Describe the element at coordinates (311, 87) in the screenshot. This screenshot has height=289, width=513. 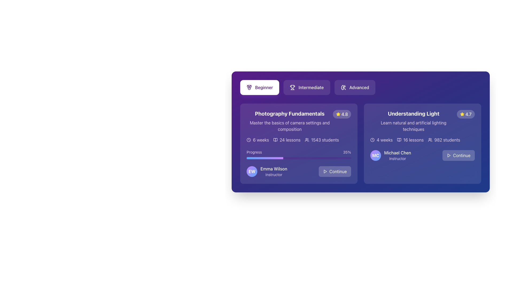
I see `text label displaying 'Intermediate' which is centered in the top section between the Beginner and Advanced buttons` at that location.